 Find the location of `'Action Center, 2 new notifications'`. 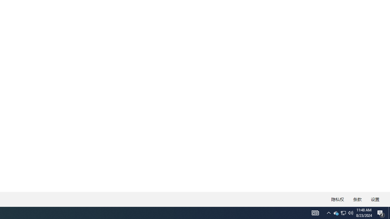

'Action Center, 2 new notifications' is located at coordinates (381, 212).